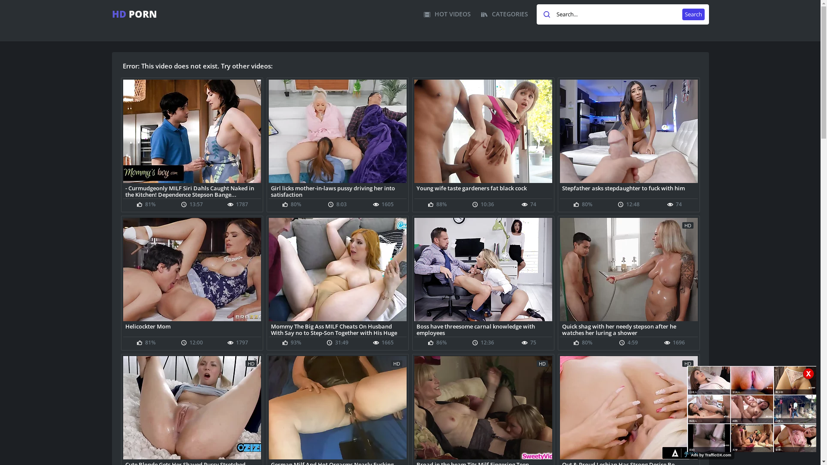 The image size is (827, 465). What do you see at coordinates (682, 14) in the screenshot?
I see `'Search'` at bounding box center [682, 14].